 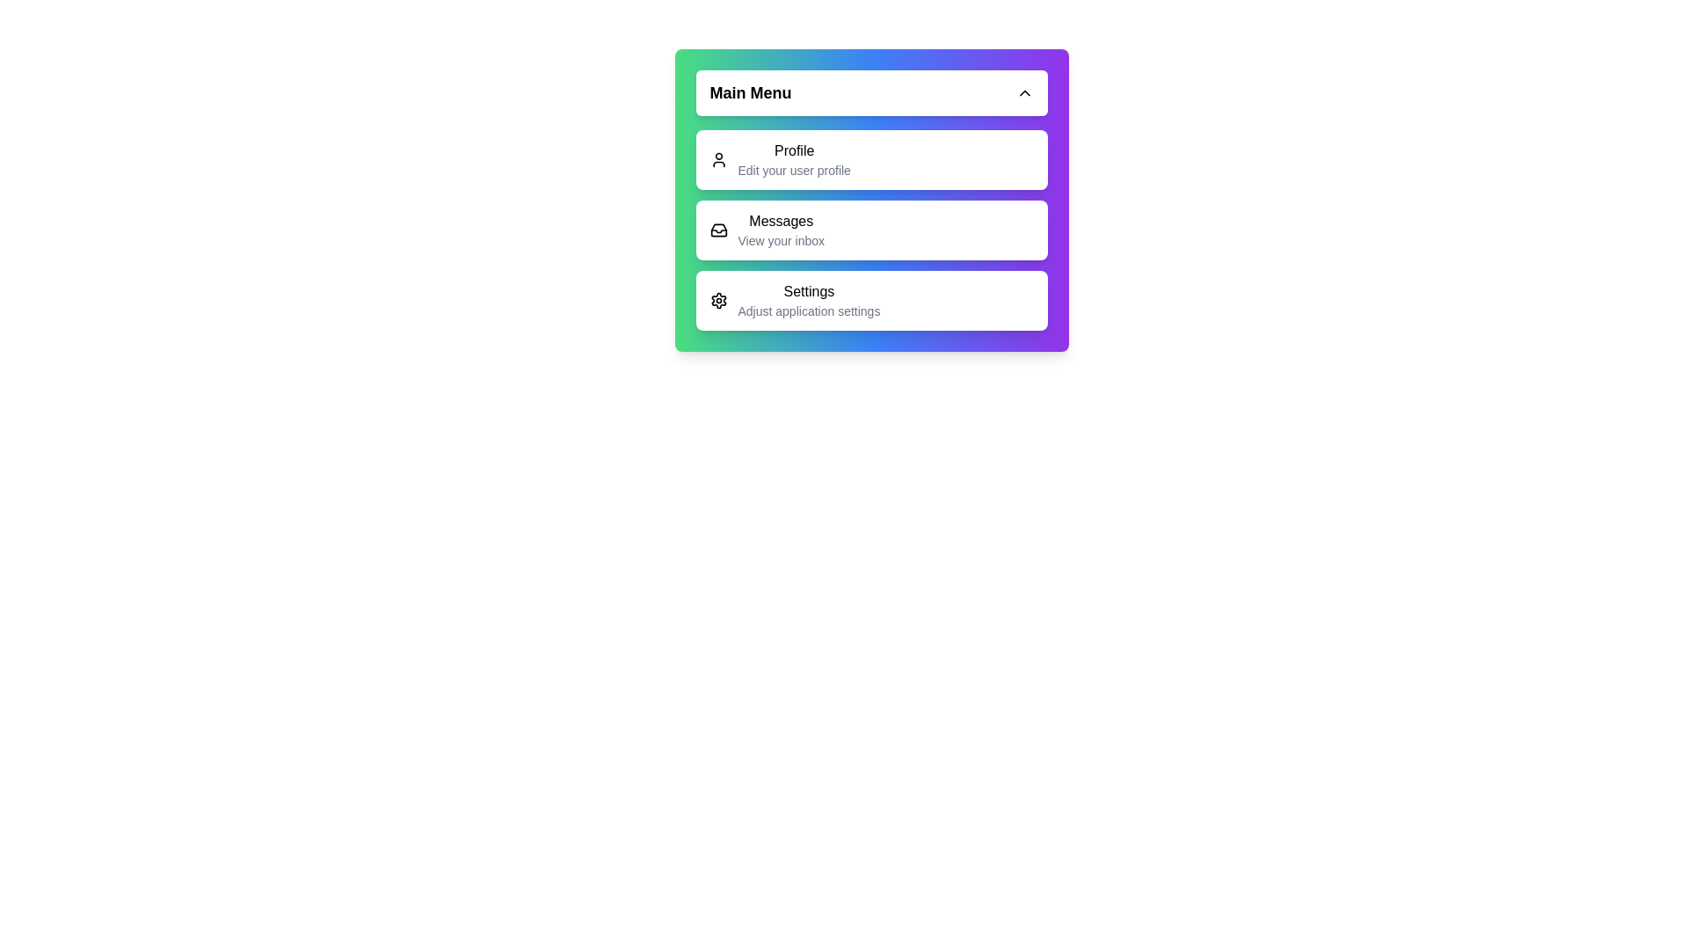 What do you see at coordinates (871, 92) in the screenshot?
I see `the menu header button to toggle the menu` at bounding box center [871, 92].